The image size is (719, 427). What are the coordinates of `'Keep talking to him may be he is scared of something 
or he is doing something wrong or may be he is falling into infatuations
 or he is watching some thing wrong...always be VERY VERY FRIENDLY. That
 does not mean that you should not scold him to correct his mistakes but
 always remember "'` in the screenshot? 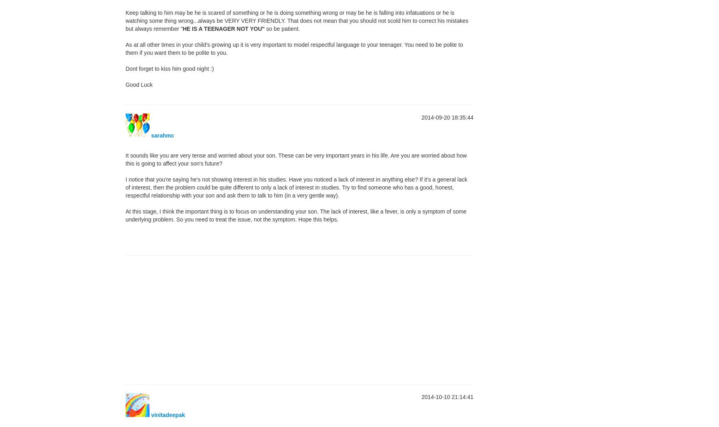 It's located at (296, 20).